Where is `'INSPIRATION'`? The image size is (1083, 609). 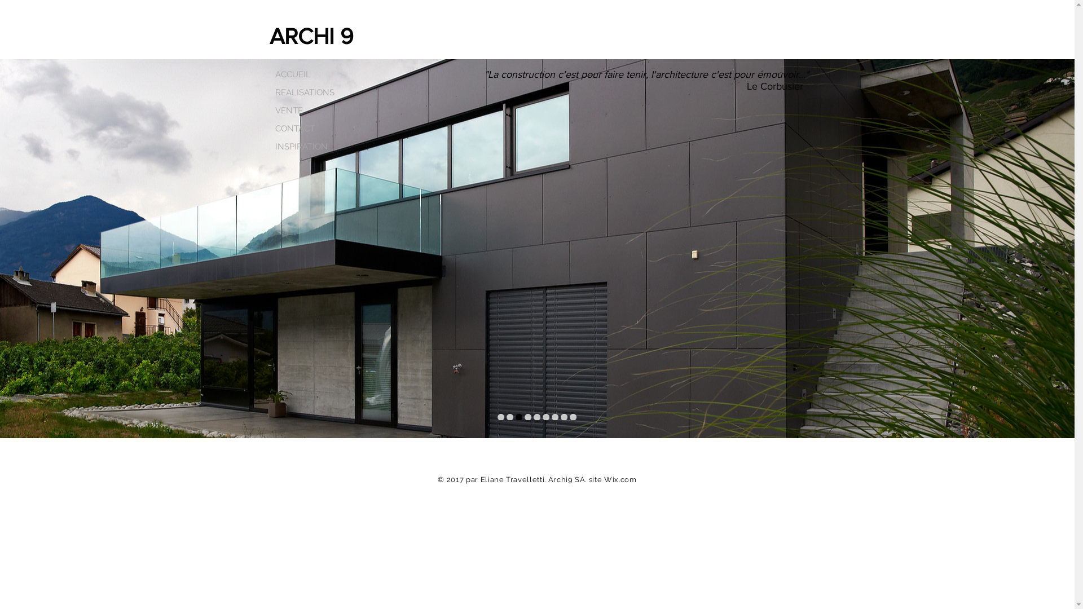
'INSPIRATION' is located at coordinates (269, 145).